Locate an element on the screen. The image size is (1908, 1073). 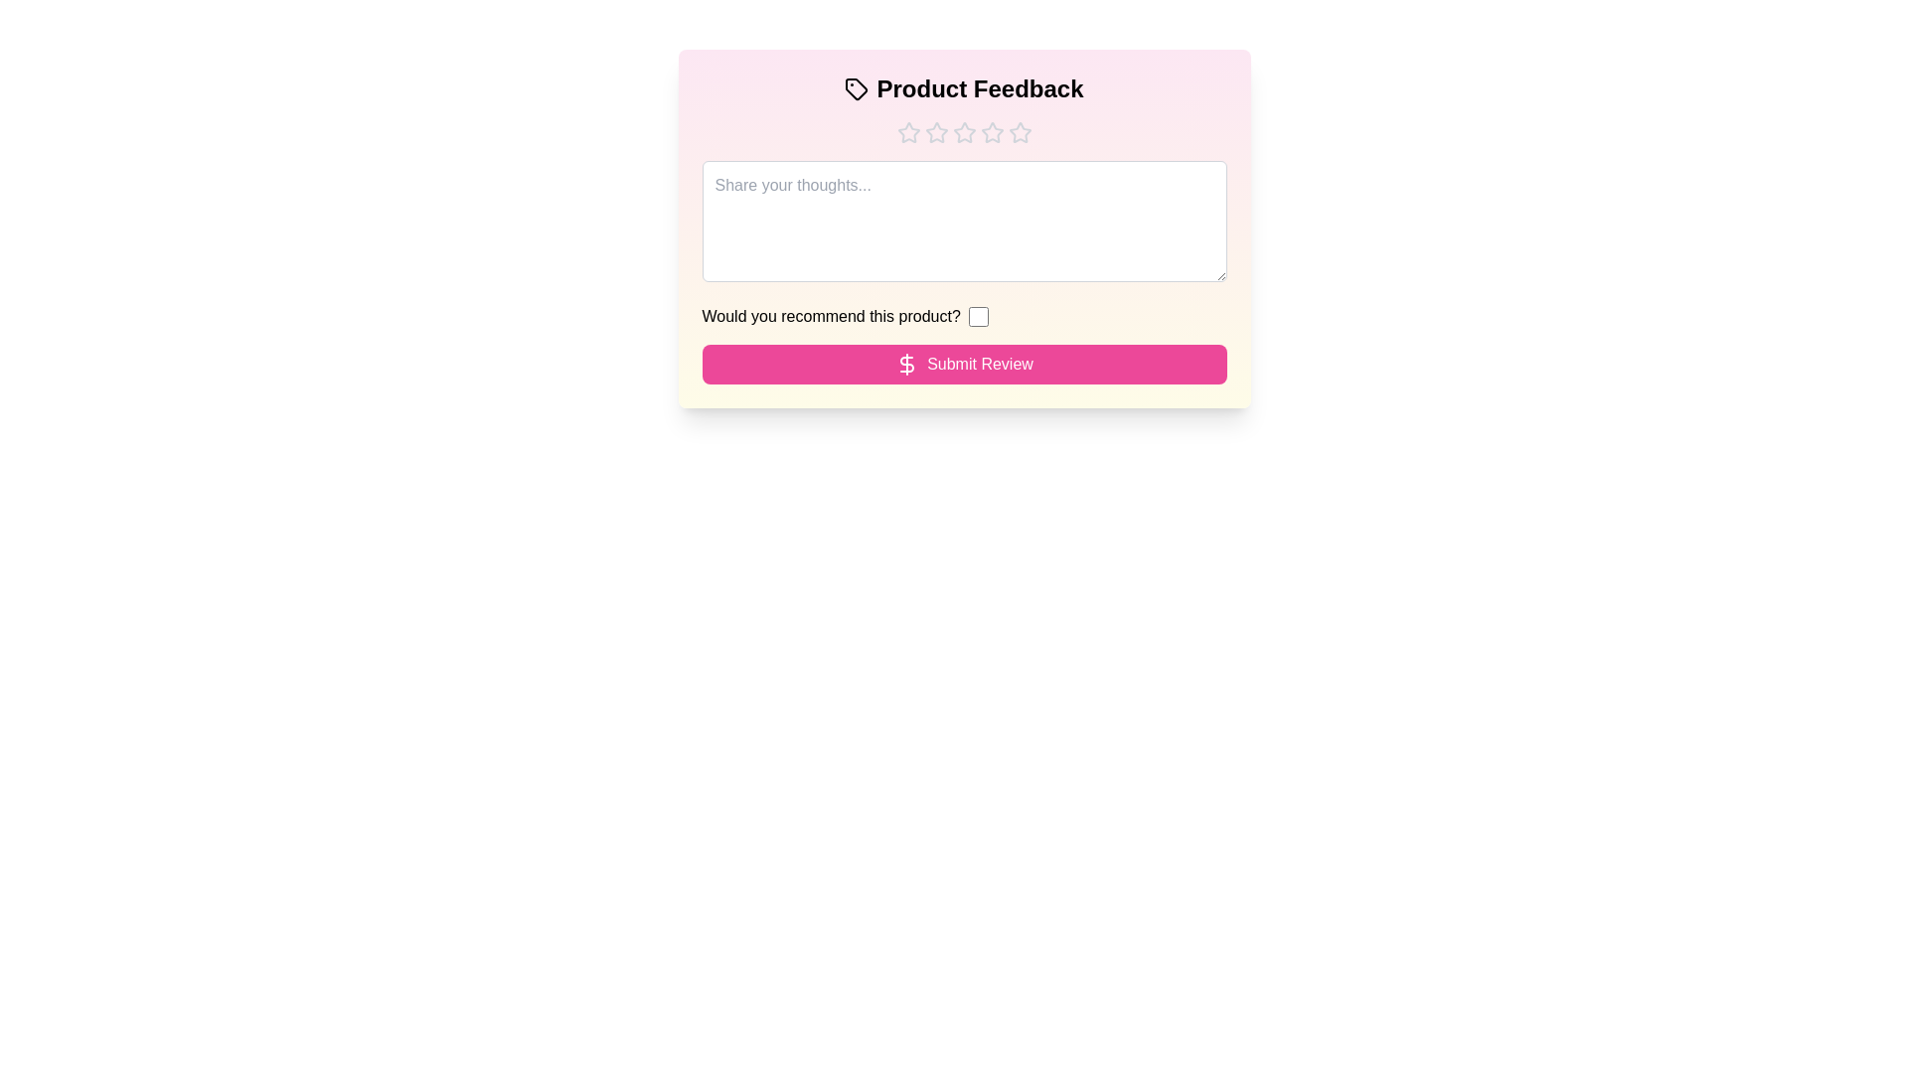
the star corresponding to the rating 3 to set the product rating is located at coordinates (964, 133).